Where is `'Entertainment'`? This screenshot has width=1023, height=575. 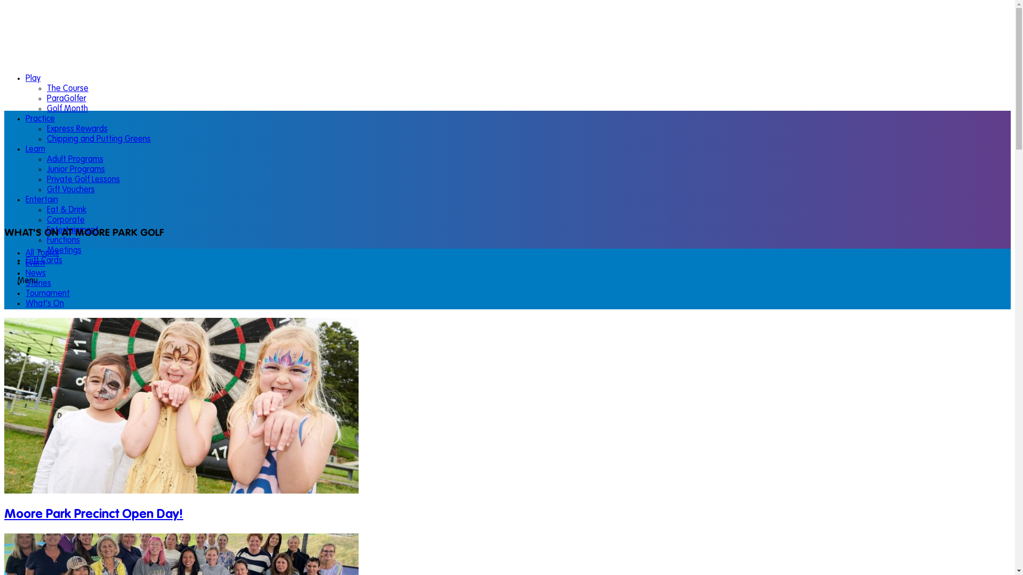
'Entertainment' is located at coordinates (72, 229).